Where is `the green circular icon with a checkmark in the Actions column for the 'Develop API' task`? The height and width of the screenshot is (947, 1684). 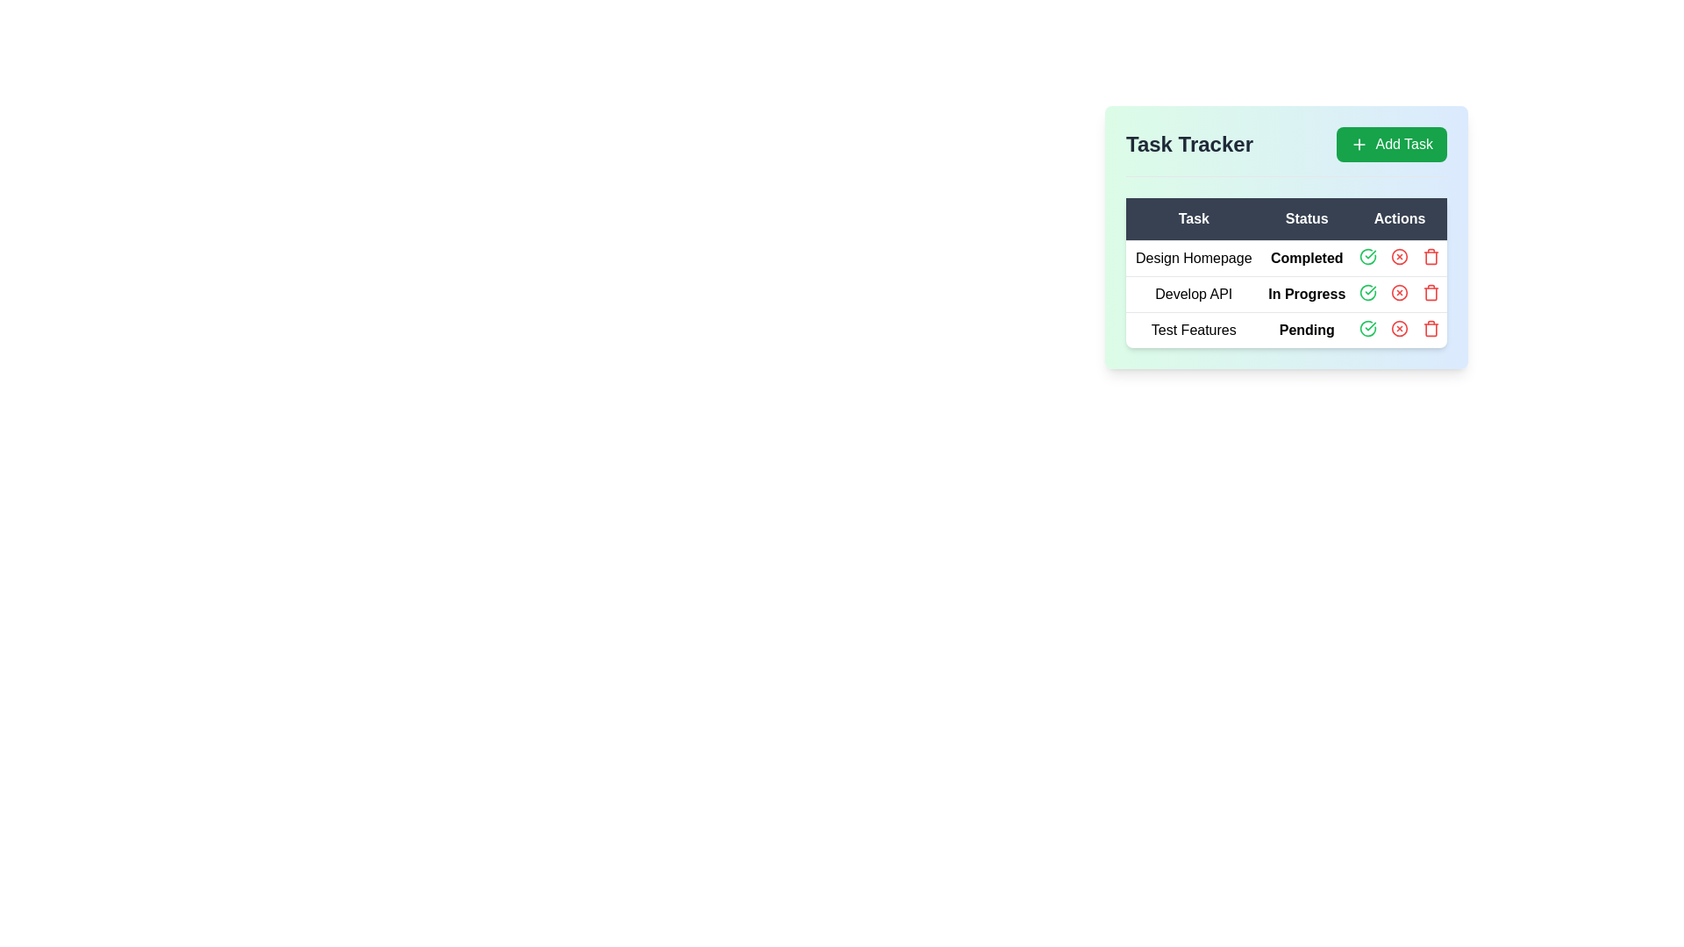
the green circular icon with a checkmark in the Actions column for the 'Develop API' task is located at coordinates (1367, 292).